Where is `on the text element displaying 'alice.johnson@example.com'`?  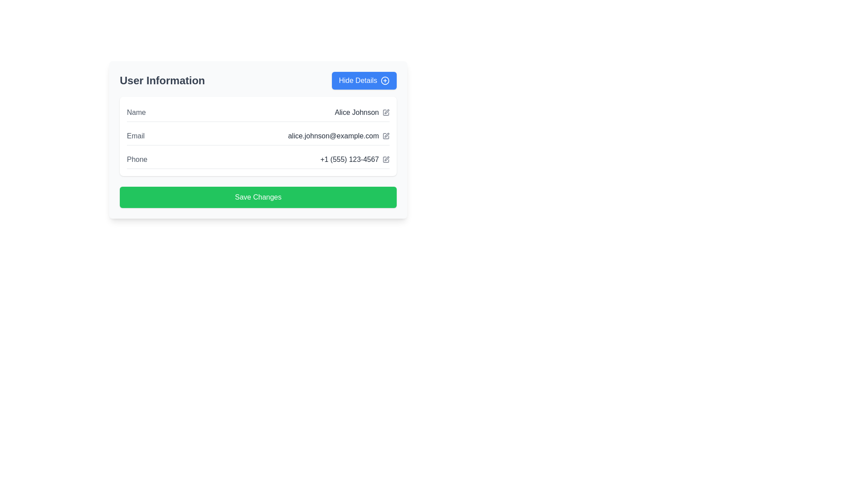 on the text element displaying 'alice.johnson@example.com' is located at coordinates (338, 136).